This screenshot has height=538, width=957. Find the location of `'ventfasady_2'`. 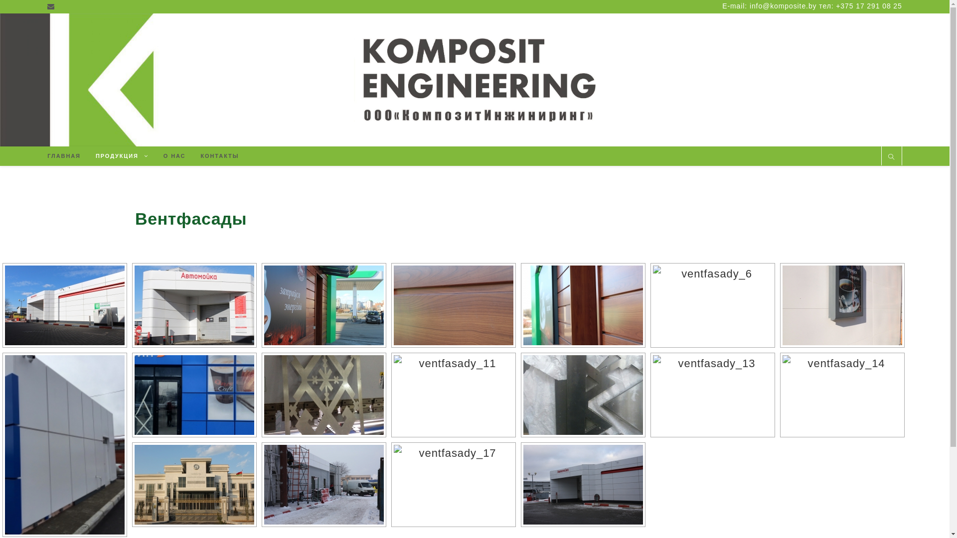

'ventfasady_2' is located at coordinates (194, 305).